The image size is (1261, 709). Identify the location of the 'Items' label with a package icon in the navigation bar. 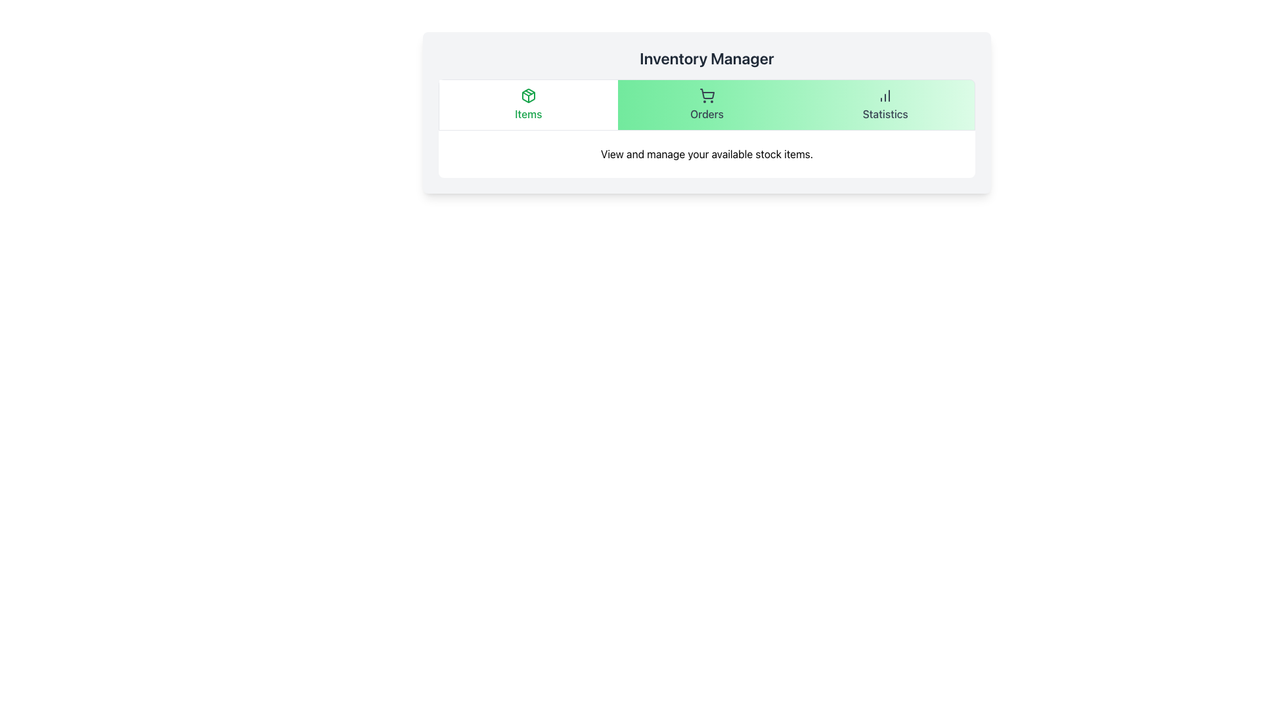
(528, 104).